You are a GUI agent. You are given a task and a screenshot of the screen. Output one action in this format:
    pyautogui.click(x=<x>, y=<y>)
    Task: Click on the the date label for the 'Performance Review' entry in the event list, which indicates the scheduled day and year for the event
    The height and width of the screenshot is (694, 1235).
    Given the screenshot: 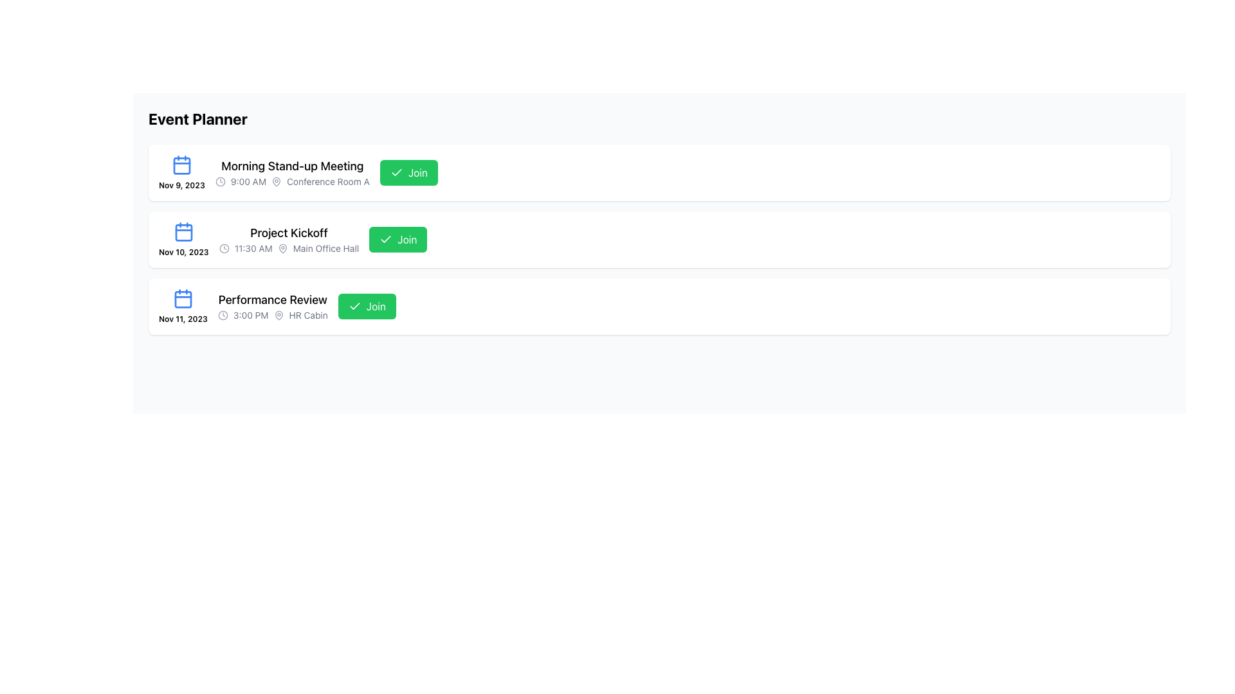 What is the action you would take?
    pyautogui.click(x=182, y=319)
    